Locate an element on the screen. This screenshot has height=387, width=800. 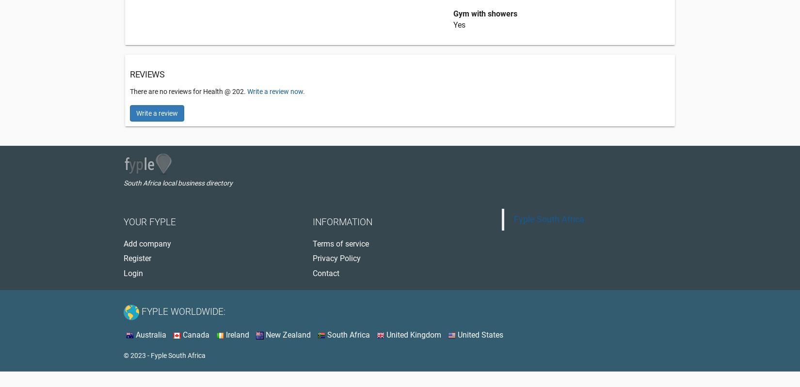
'Privacy Policy' is located at coordinates (336, 258).